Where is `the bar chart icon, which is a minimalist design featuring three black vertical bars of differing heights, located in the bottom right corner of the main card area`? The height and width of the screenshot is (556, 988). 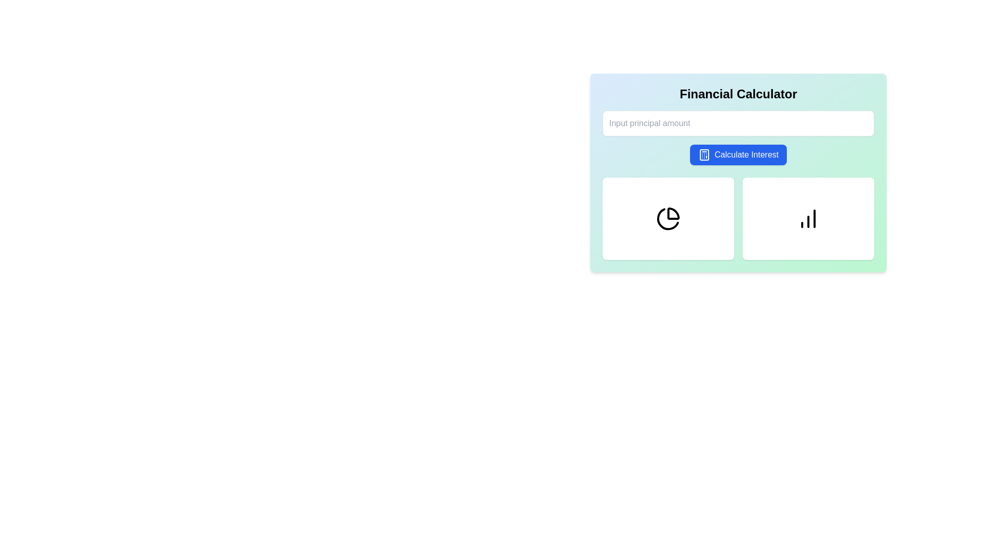
the bar chart icon, which is a minimalist design featuring three black vertical bars of differing heights, located in the bottom right corner of the main card area is located at coordinates (807, 218).